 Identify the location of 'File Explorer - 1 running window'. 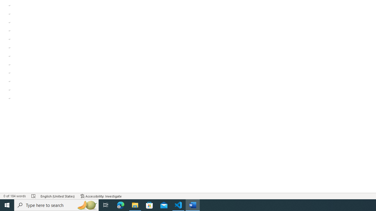
(135, 205).